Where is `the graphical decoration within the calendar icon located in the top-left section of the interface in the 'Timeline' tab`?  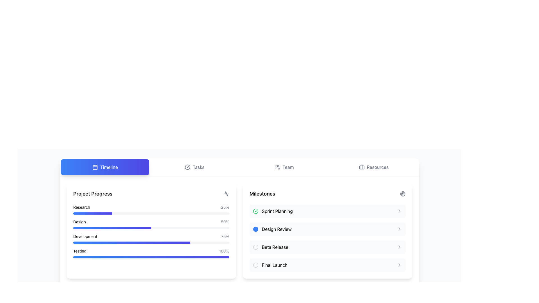
the graphical decoration within the calendar icon located in the top-left section of the interface in the 'Timeline' tab is located at coordinates (95, 167).